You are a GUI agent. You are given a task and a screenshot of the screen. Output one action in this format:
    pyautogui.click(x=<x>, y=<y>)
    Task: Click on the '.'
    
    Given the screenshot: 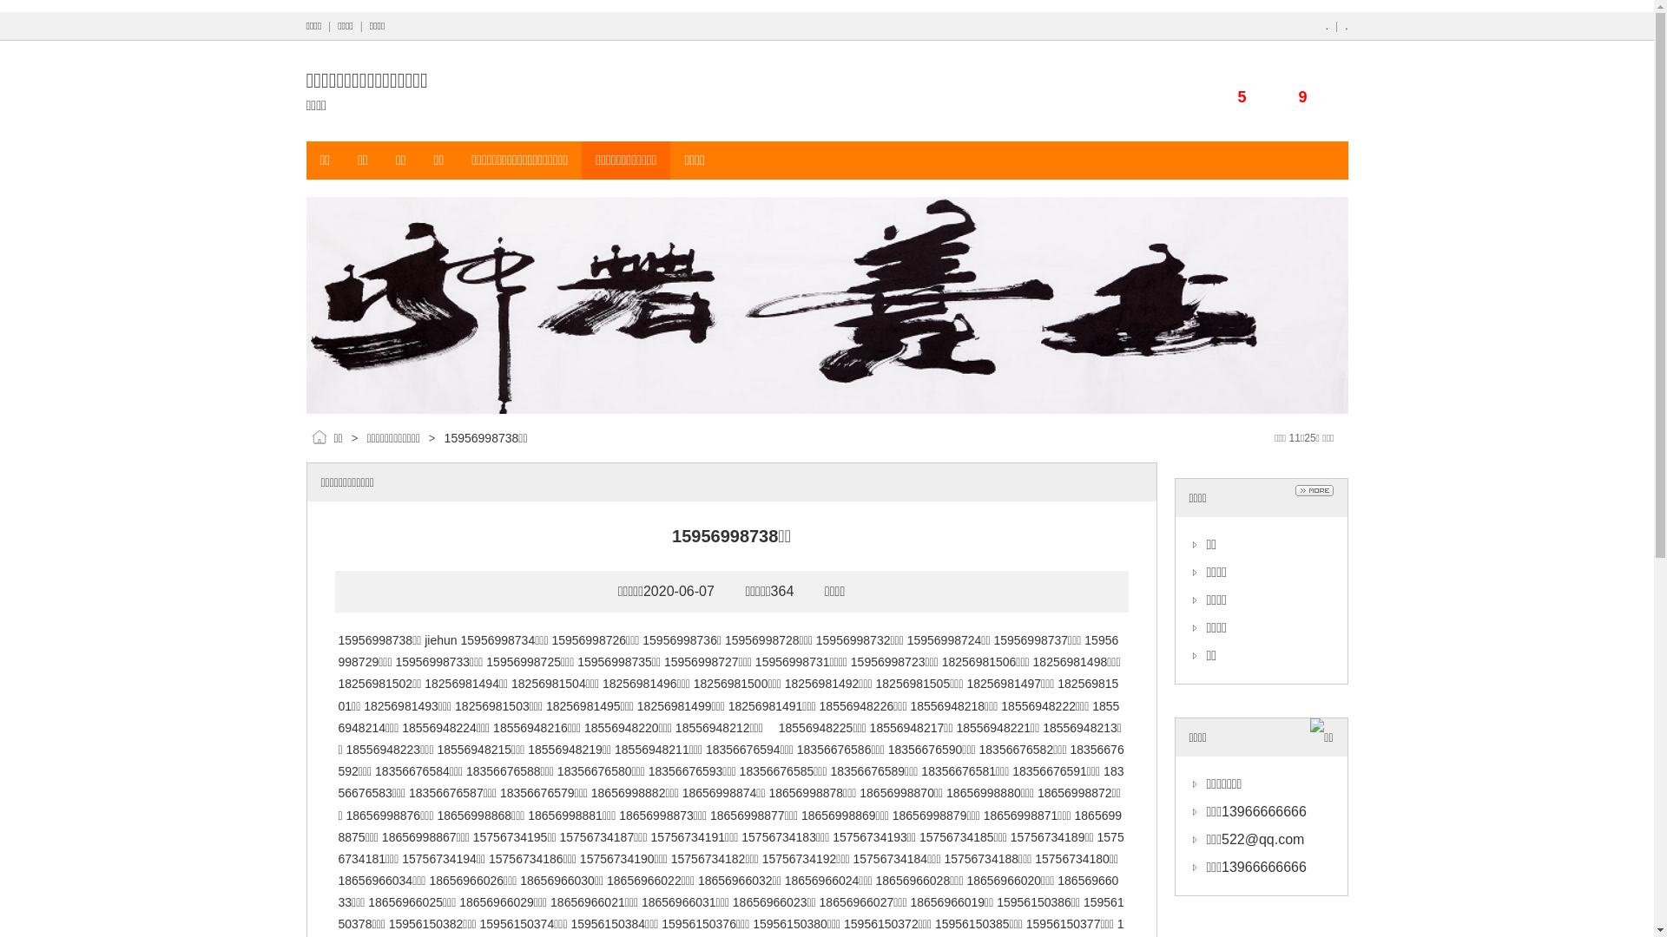 What is the action you would take?
    pyautogui.click(x=1326, y=26)
    